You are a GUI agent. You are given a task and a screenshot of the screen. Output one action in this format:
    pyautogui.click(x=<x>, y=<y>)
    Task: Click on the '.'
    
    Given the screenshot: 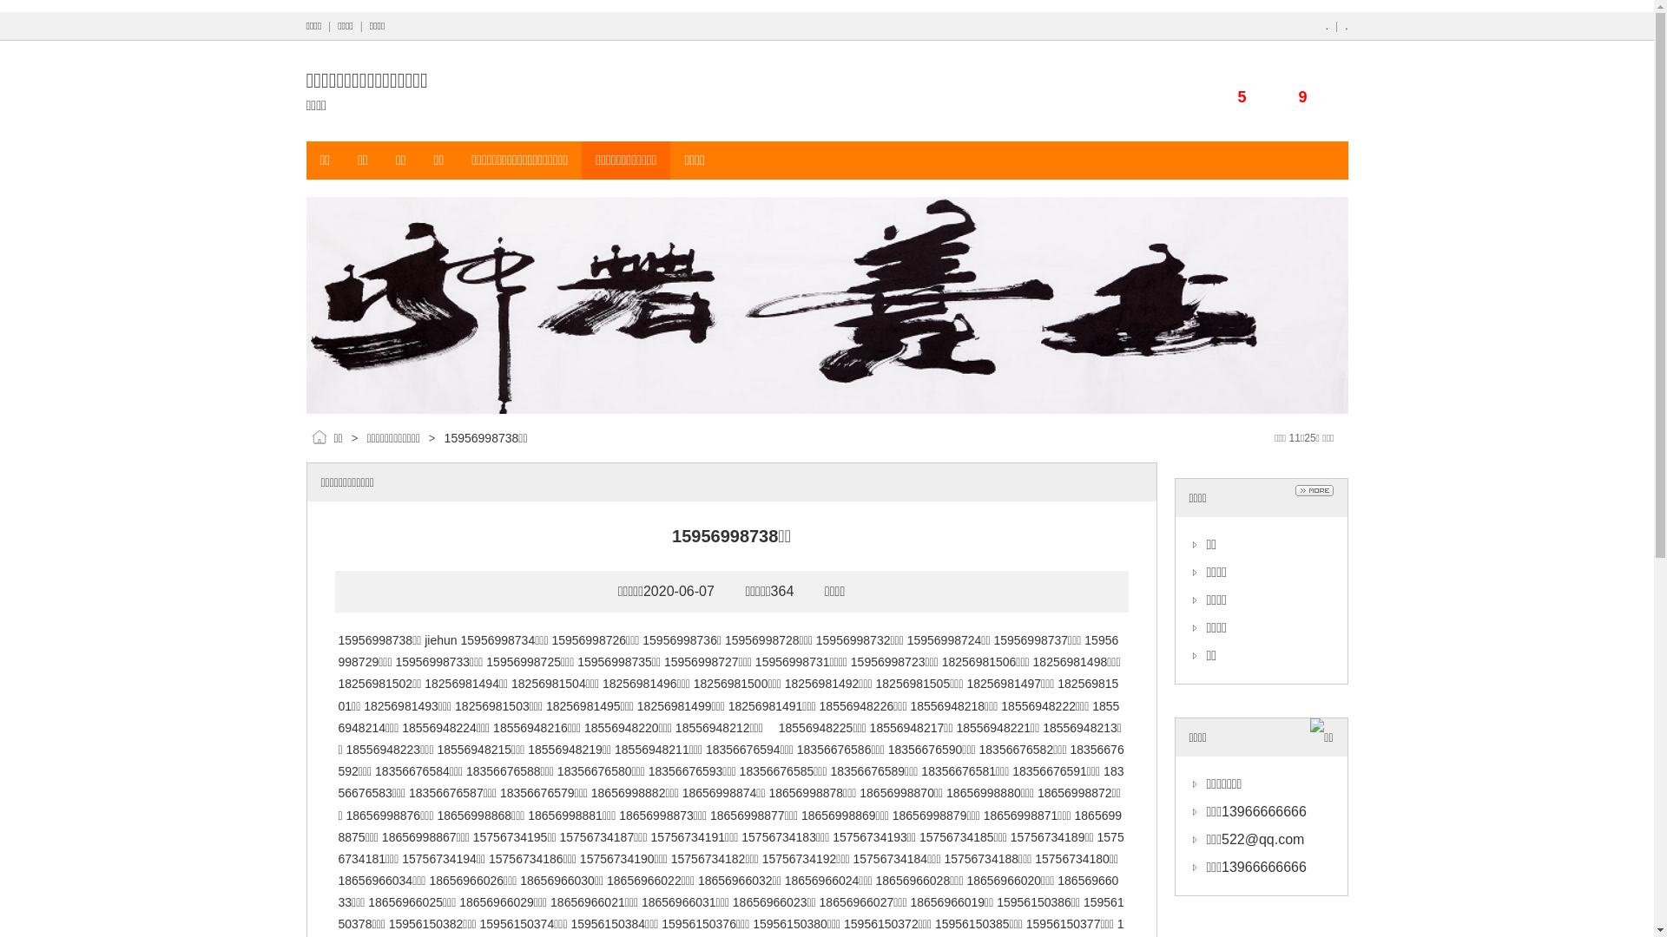 What is the action you would take?
    pyautogui.click(x=1326, y=26)
    